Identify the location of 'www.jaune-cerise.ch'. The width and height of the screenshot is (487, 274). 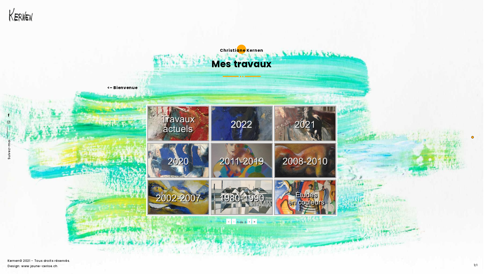
(39, 266).